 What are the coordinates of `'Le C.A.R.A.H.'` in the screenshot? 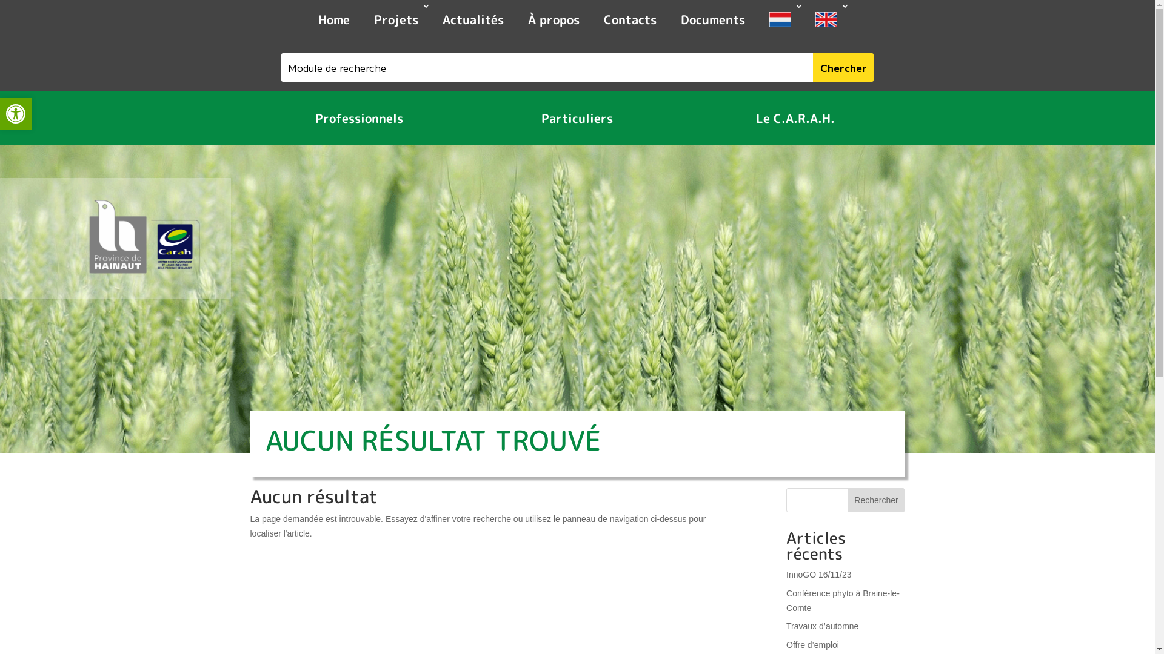 It's located at (795, 118).